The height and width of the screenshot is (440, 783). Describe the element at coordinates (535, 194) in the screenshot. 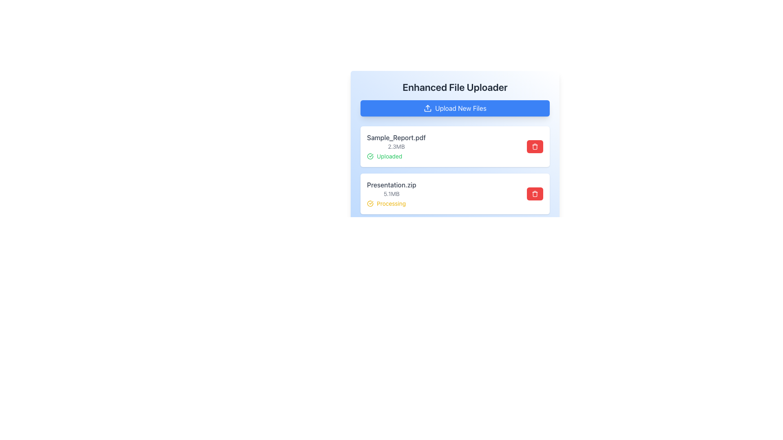

I see `the delete icon button located at the far right end of the second file entry in the file uploader interface` at that location.